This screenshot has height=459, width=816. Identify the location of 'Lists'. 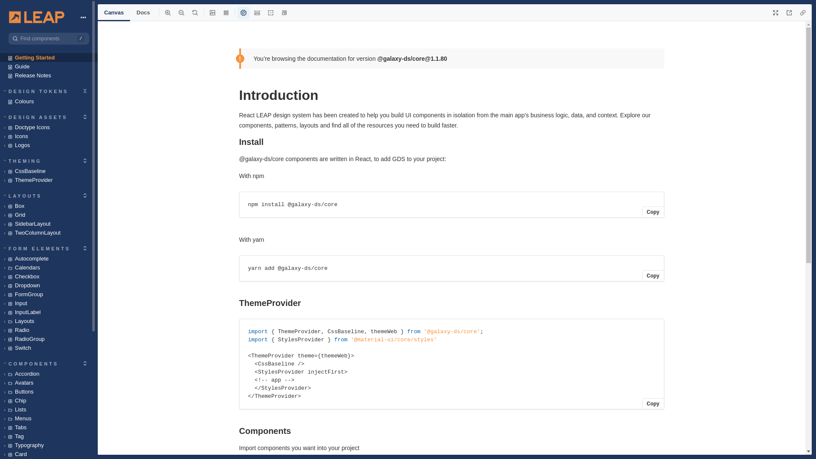
(48, 409).